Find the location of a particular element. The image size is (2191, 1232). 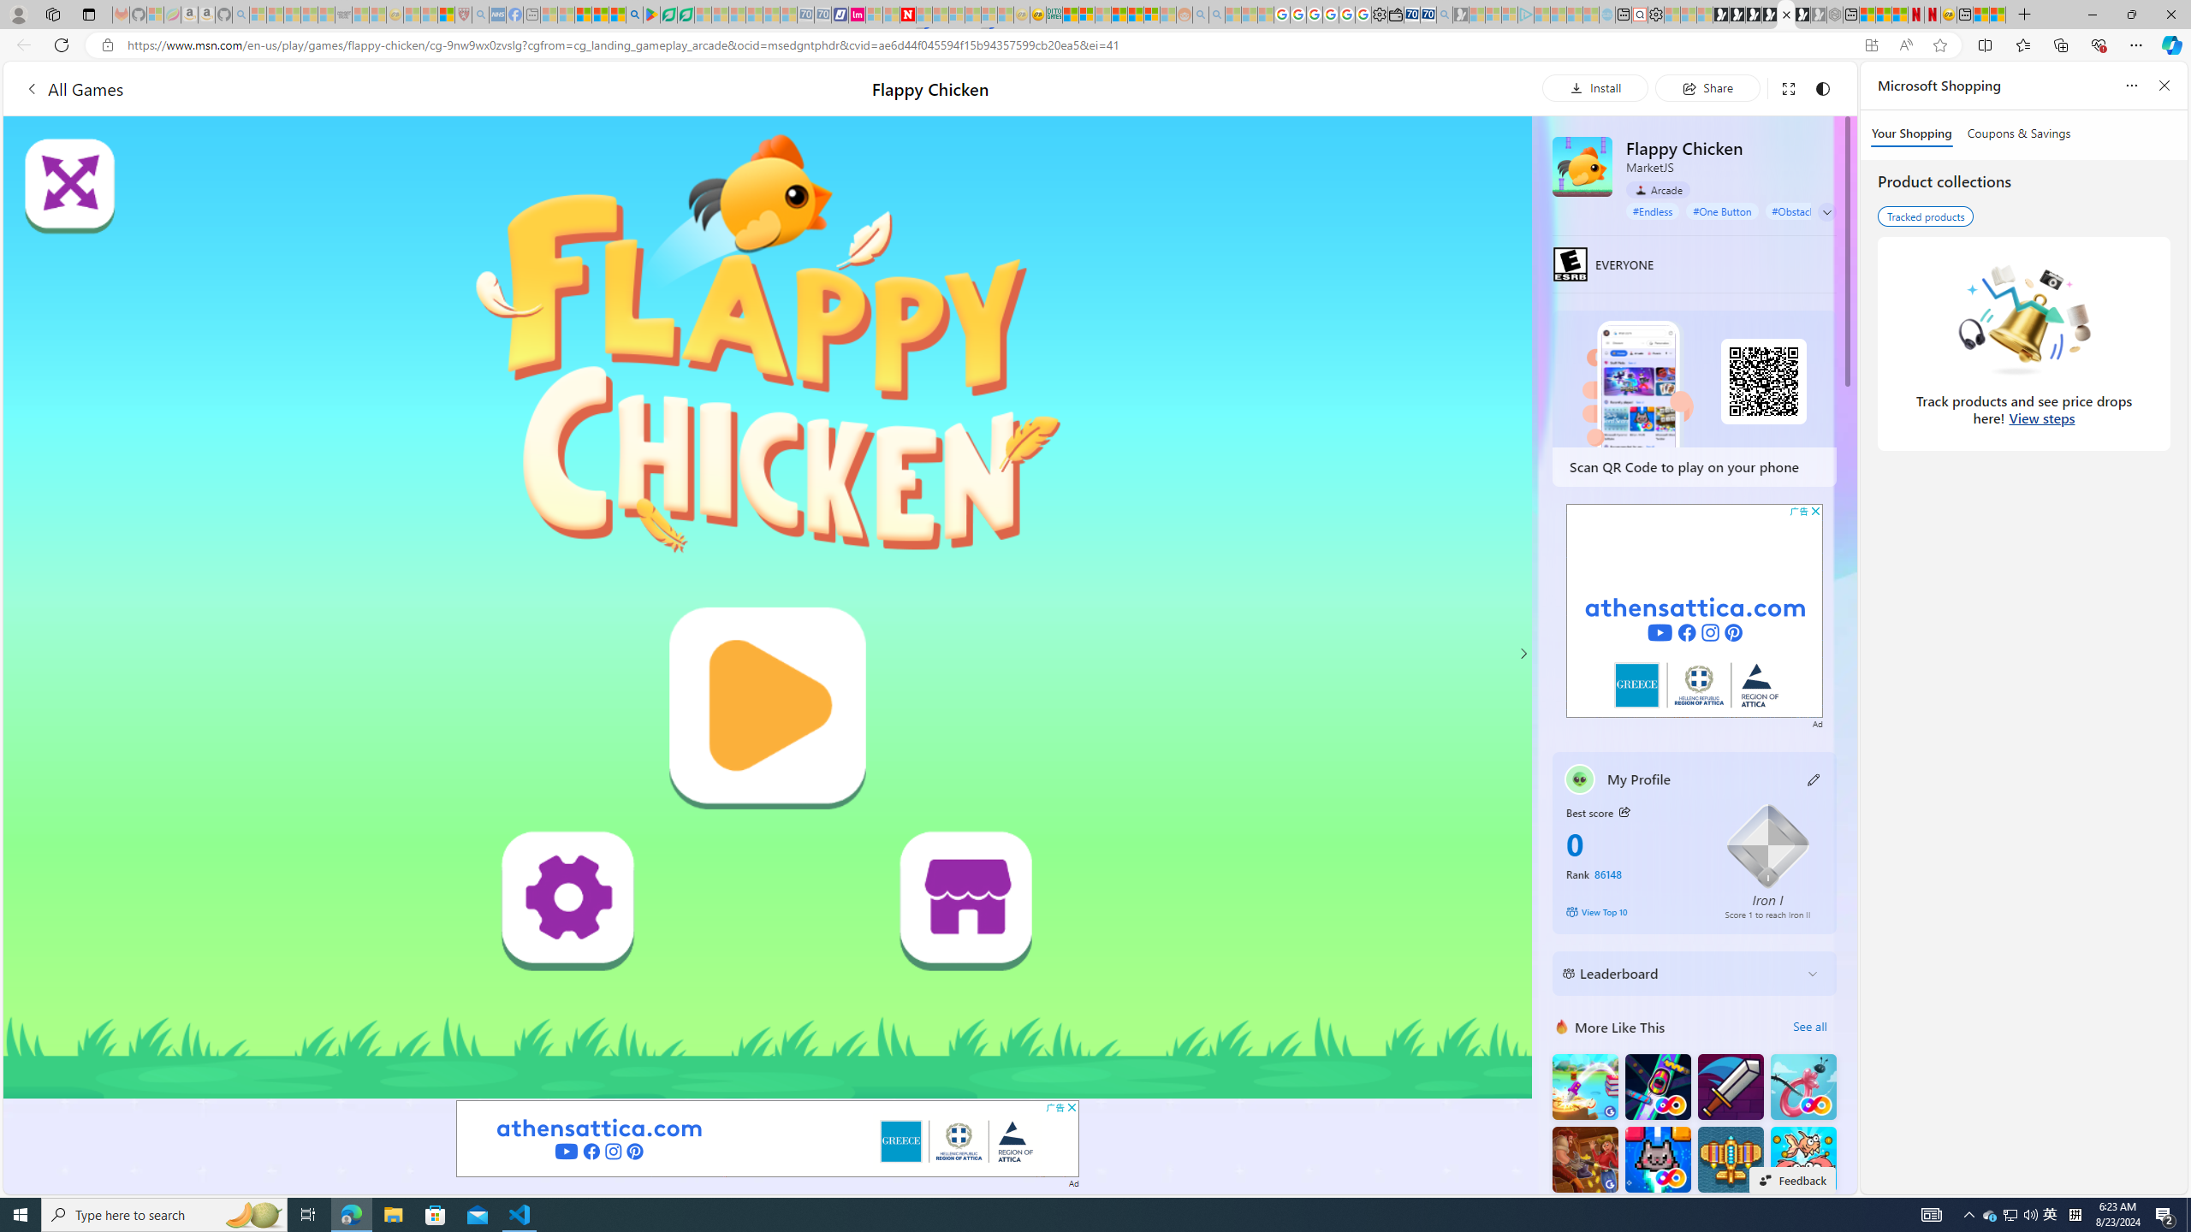

'See all' is located at coordinates (1808, 1025).